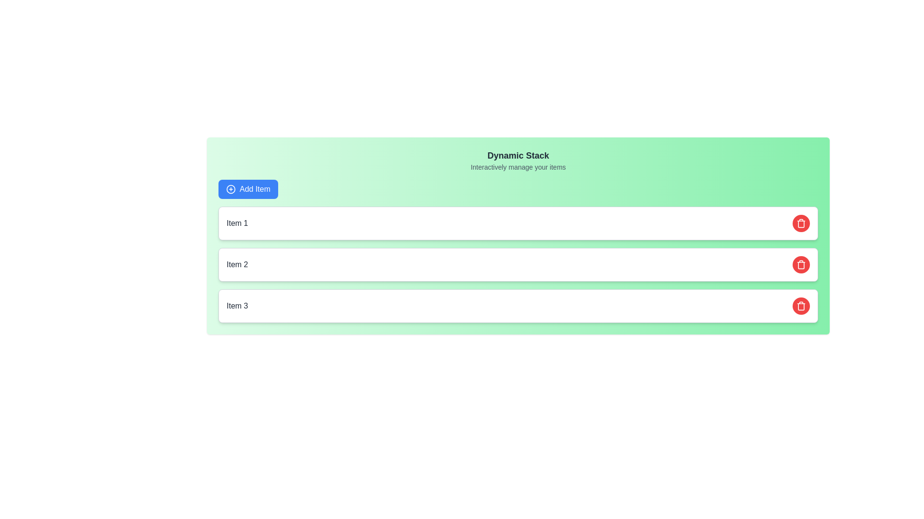  What do you see at coordinates (801, 265) in the screenshot?
I see `the red-colored trash icon within the delete button of the second list item` at bounding box center [801, 265].